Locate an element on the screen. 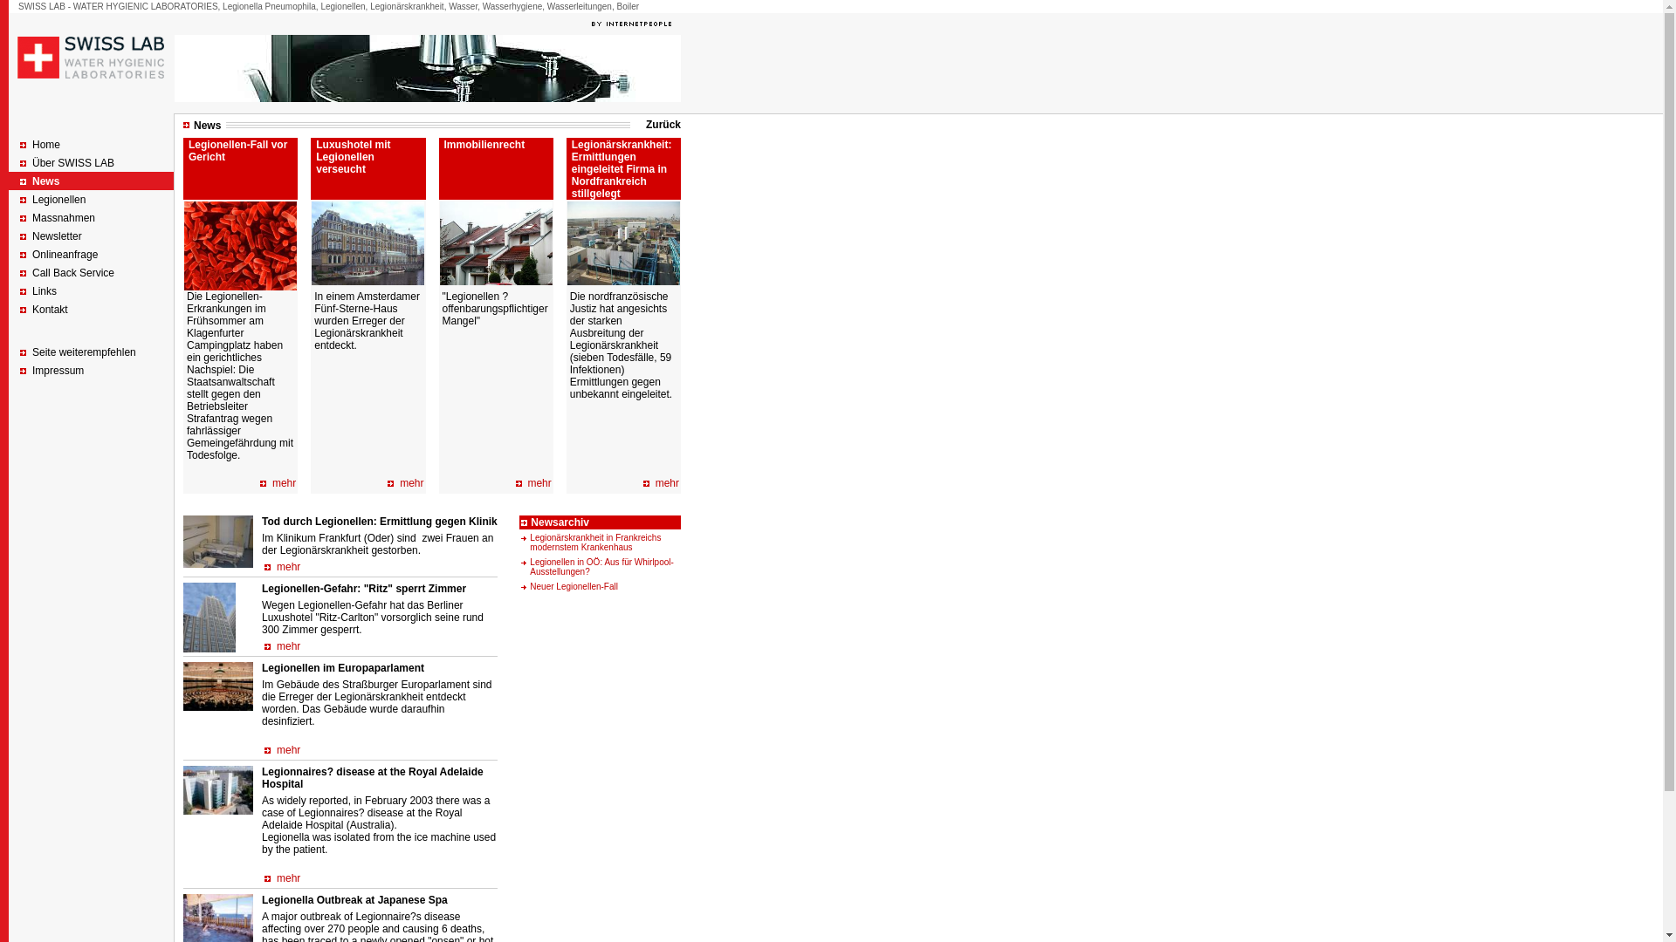 This screenshot has width=1676, height=942. 'Kontakt' is located at coordinates (50, 308).